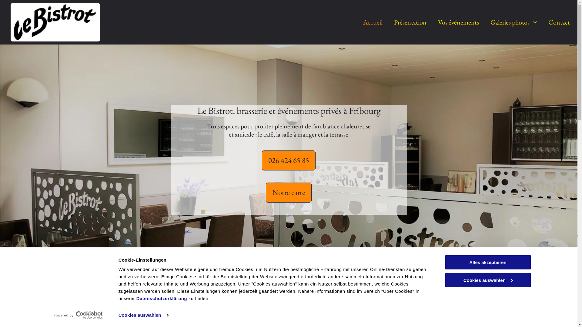 Image resolution: width=582 pixels, height=327 pixels. Describe the element at coordinates (487, 262) in the screenshot. I see `'Alles akzeptieren'` at that location.